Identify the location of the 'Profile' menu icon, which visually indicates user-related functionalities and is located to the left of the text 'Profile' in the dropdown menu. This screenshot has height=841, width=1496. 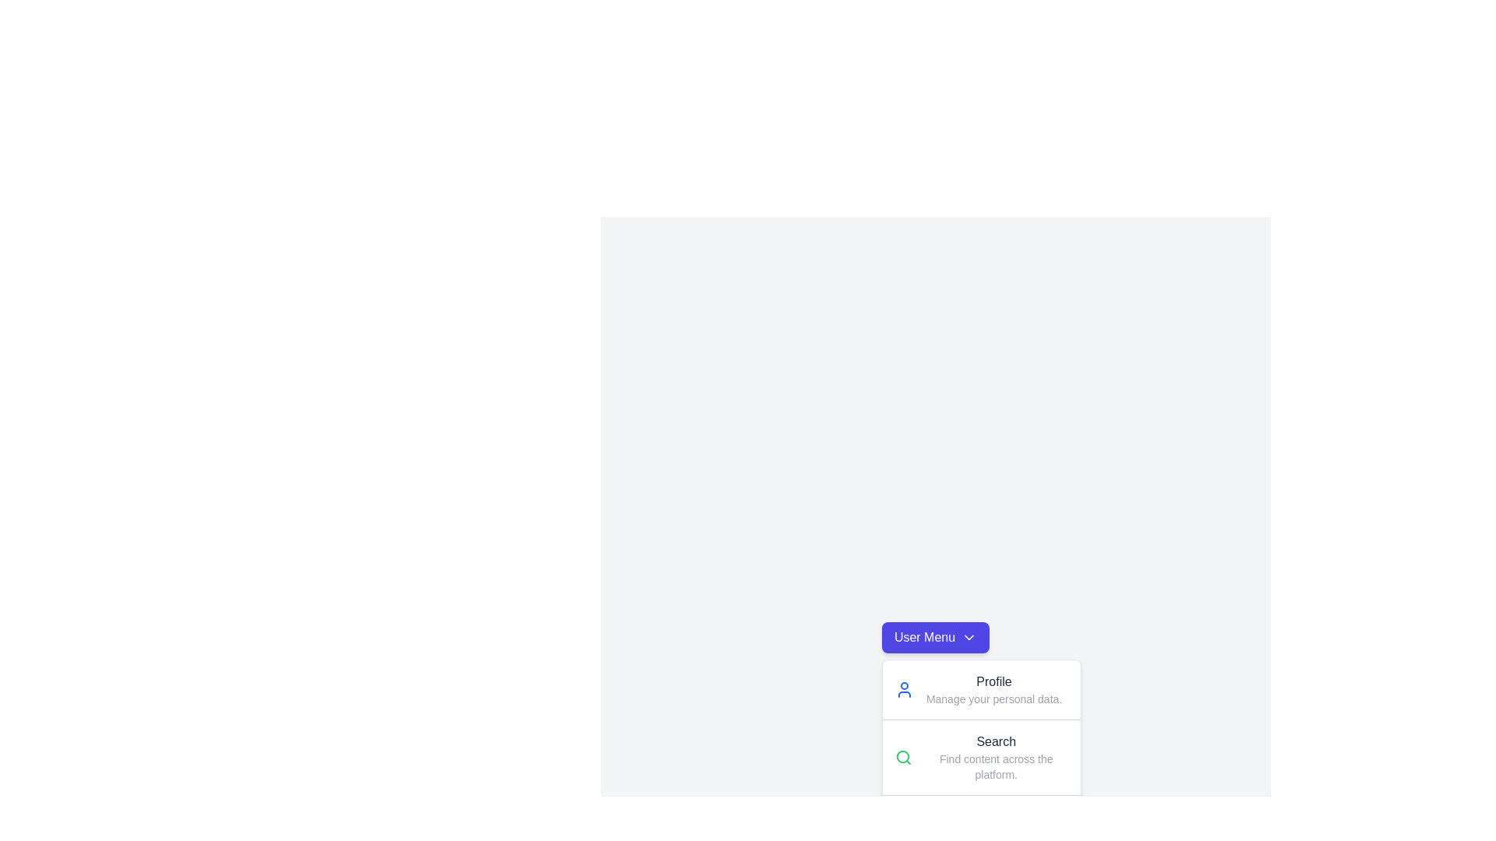
(904, 689).